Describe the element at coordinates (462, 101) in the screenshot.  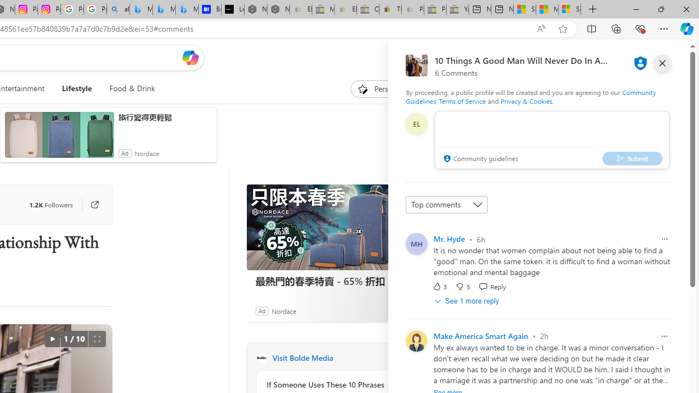
I see `'Terms of Service'` at that location.